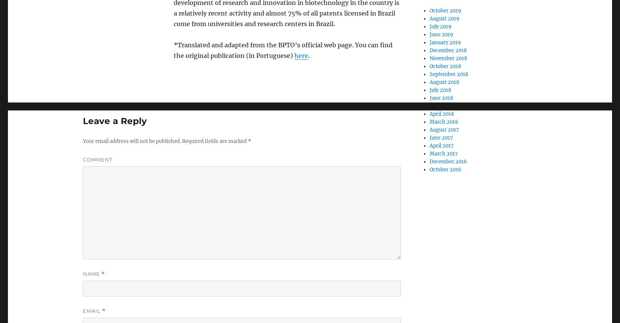  I want to click on 'January 2019', so click(445, 42).